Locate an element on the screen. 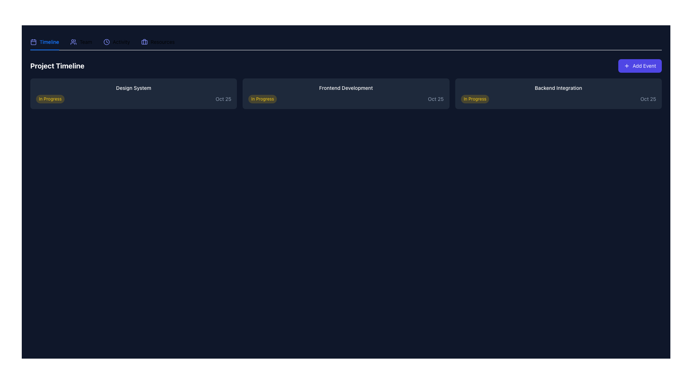  the 'Resources' Tab button in the top navigation bar is located at coordinates (158, 42).